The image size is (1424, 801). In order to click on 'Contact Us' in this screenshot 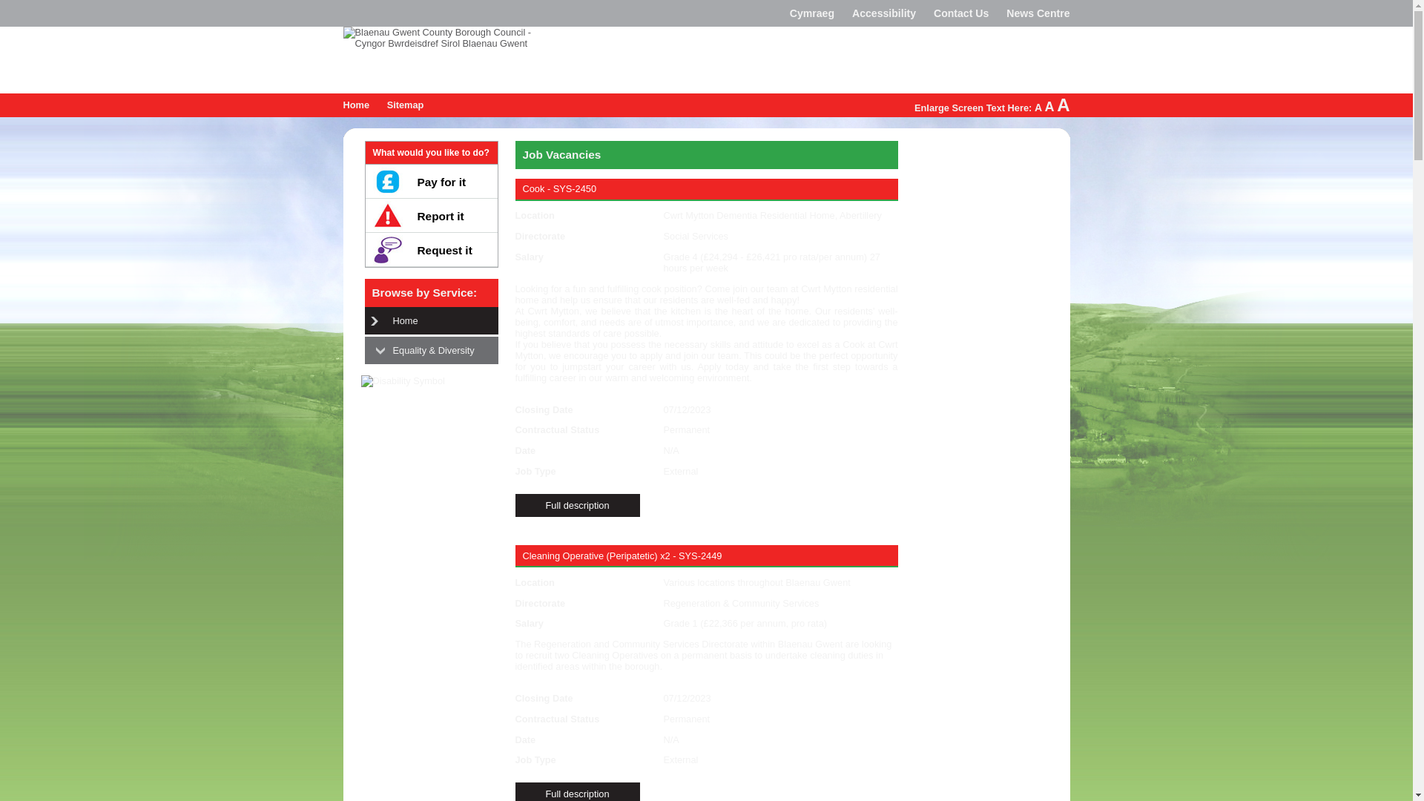, I will do `click(961, 13)`.